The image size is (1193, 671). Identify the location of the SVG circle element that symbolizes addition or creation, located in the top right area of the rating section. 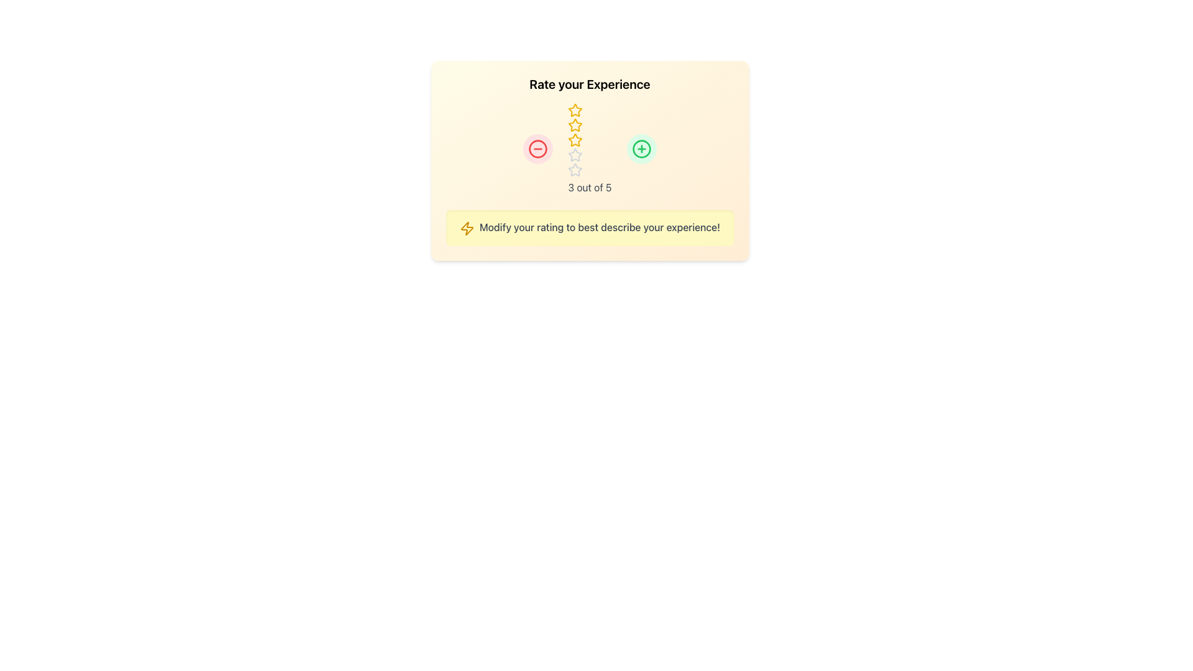
(641, 148).